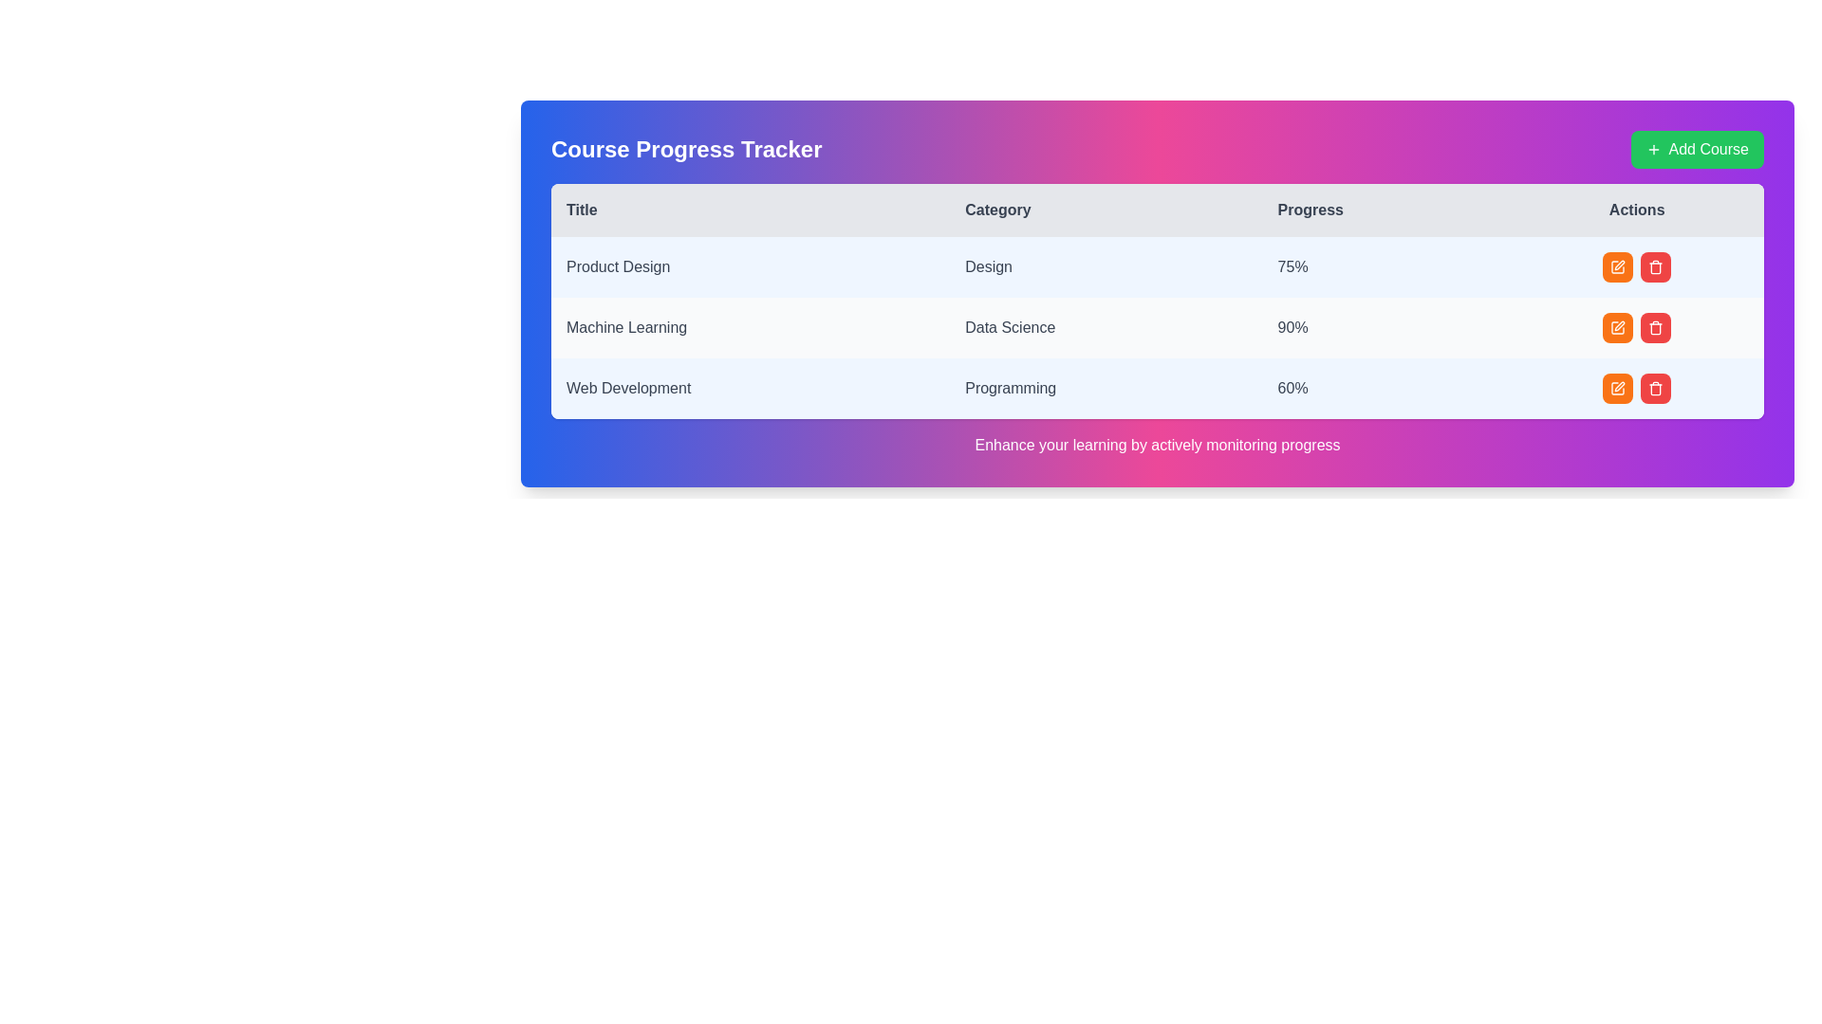  What do you see at coordinates (1636, 387) in the screenshot?
I see `the orange edit button in the Action button group to enter edit mode, located in the 'Actions' column of the 'Web Development' row` at bounding box center [1636, 387].